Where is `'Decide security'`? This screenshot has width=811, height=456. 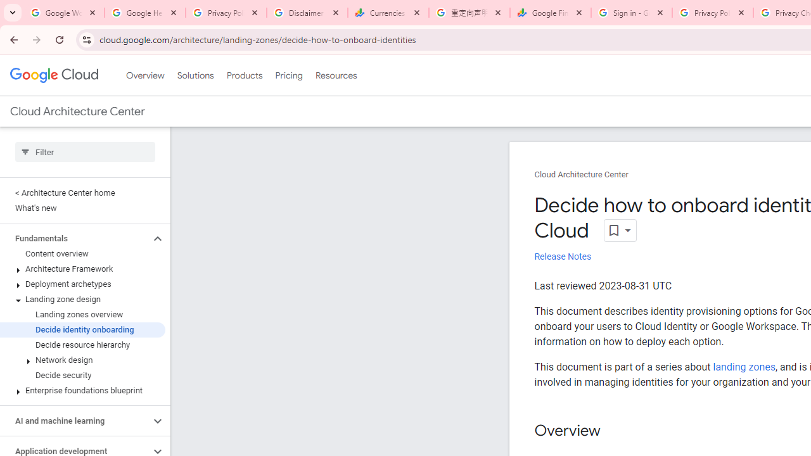
'Decide security' is located at coordinates (82, 374).